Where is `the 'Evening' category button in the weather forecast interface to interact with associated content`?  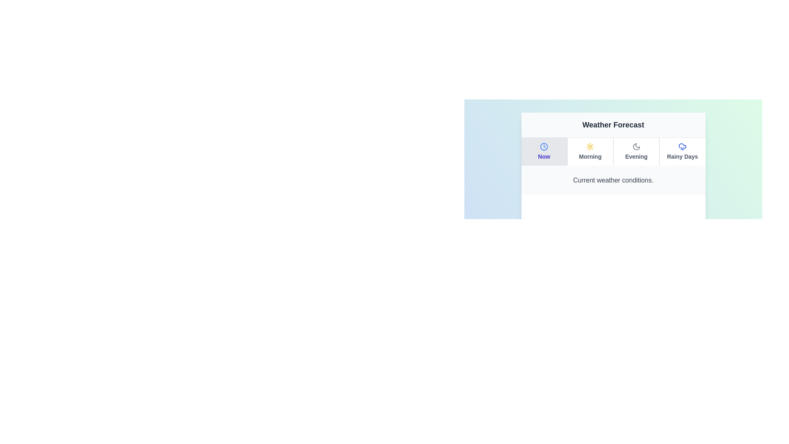
the 'Evening' category button in the weather forecast interface to interact with associated content is located at coordinates (636, 152).